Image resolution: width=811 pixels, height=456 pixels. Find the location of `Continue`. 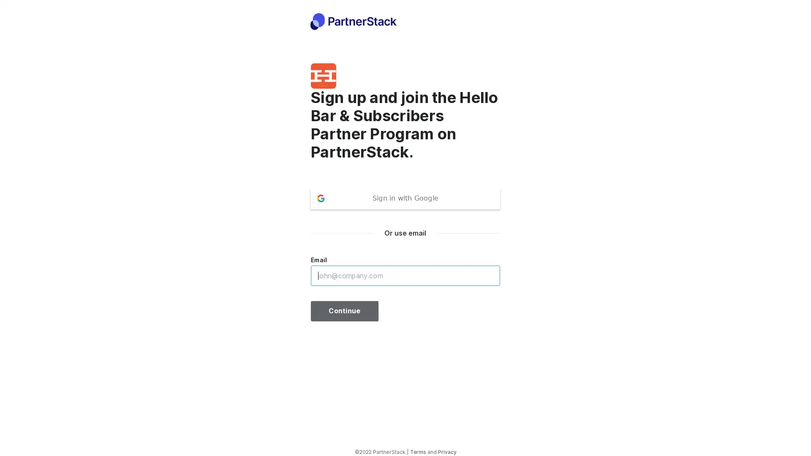

Continue is located at coordinates (345, 311).